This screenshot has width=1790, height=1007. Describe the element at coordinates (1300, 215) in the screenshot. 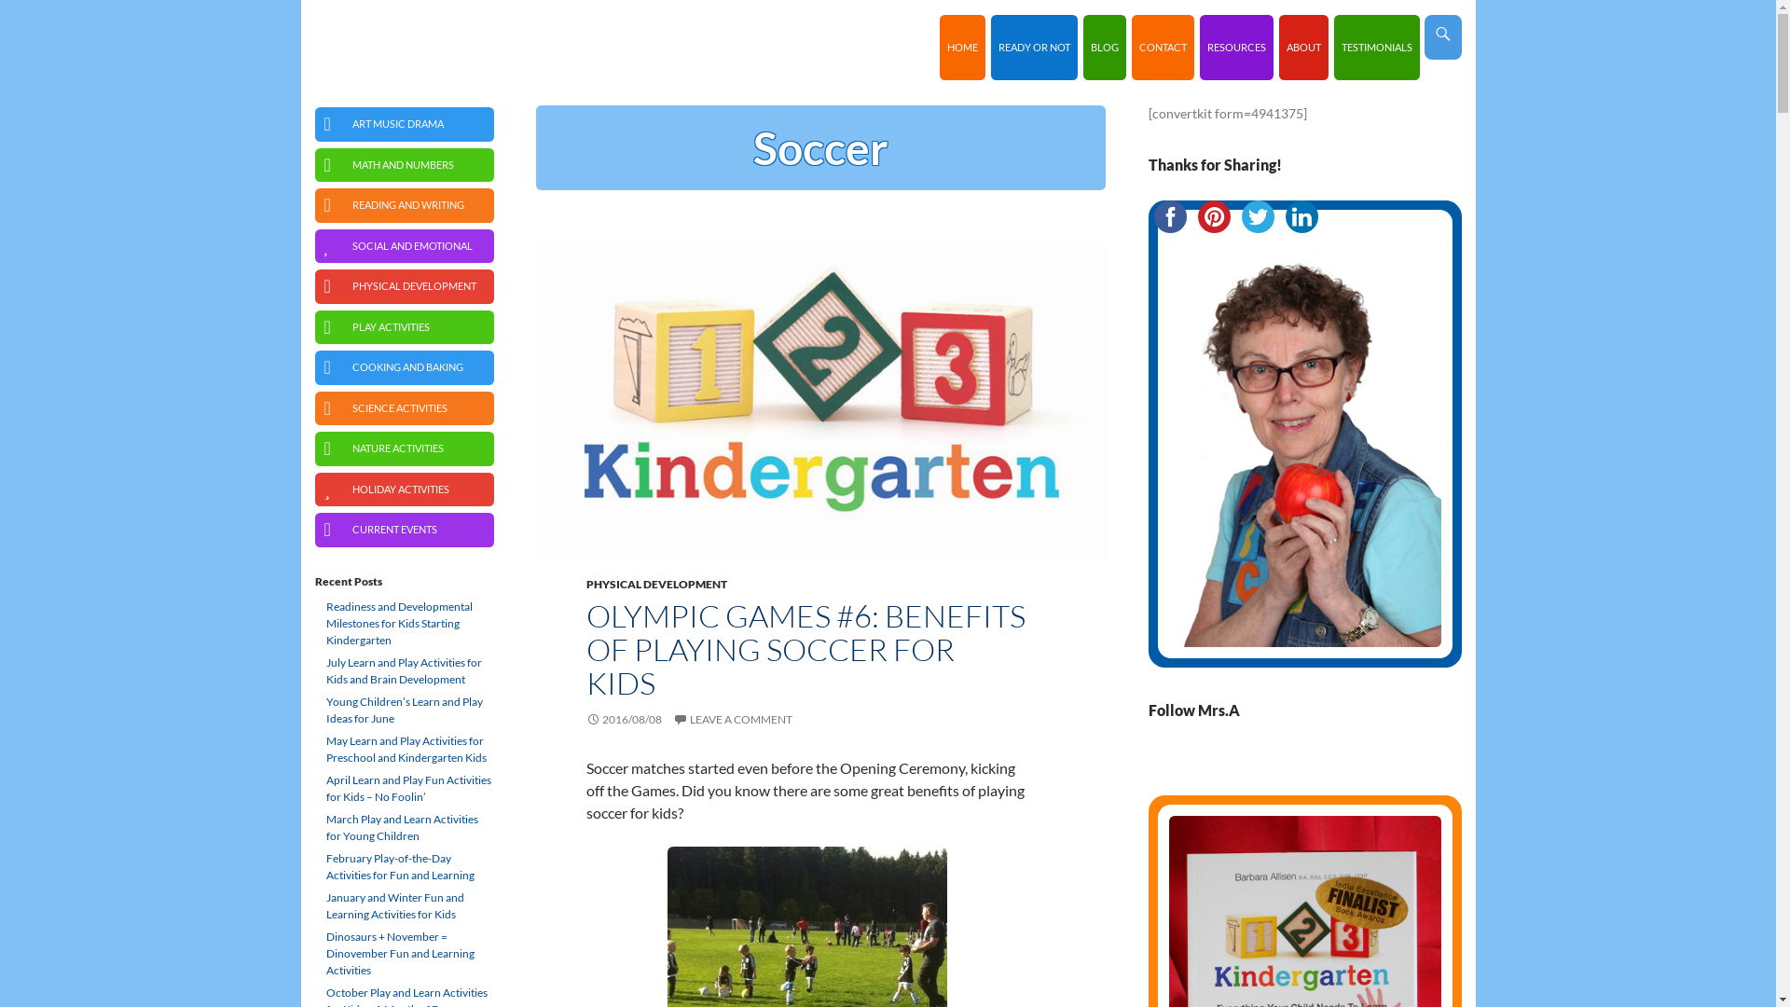

I see `'linkedin'` at that location.